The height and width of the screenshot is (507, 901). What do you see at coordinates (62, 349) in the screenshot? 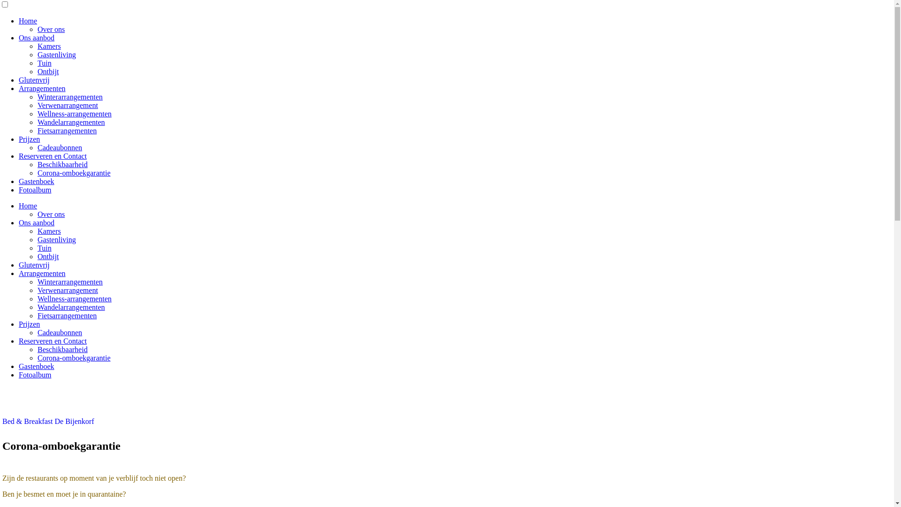
I see `'Beschikbaarheid'` at bounding box center [62, 349].